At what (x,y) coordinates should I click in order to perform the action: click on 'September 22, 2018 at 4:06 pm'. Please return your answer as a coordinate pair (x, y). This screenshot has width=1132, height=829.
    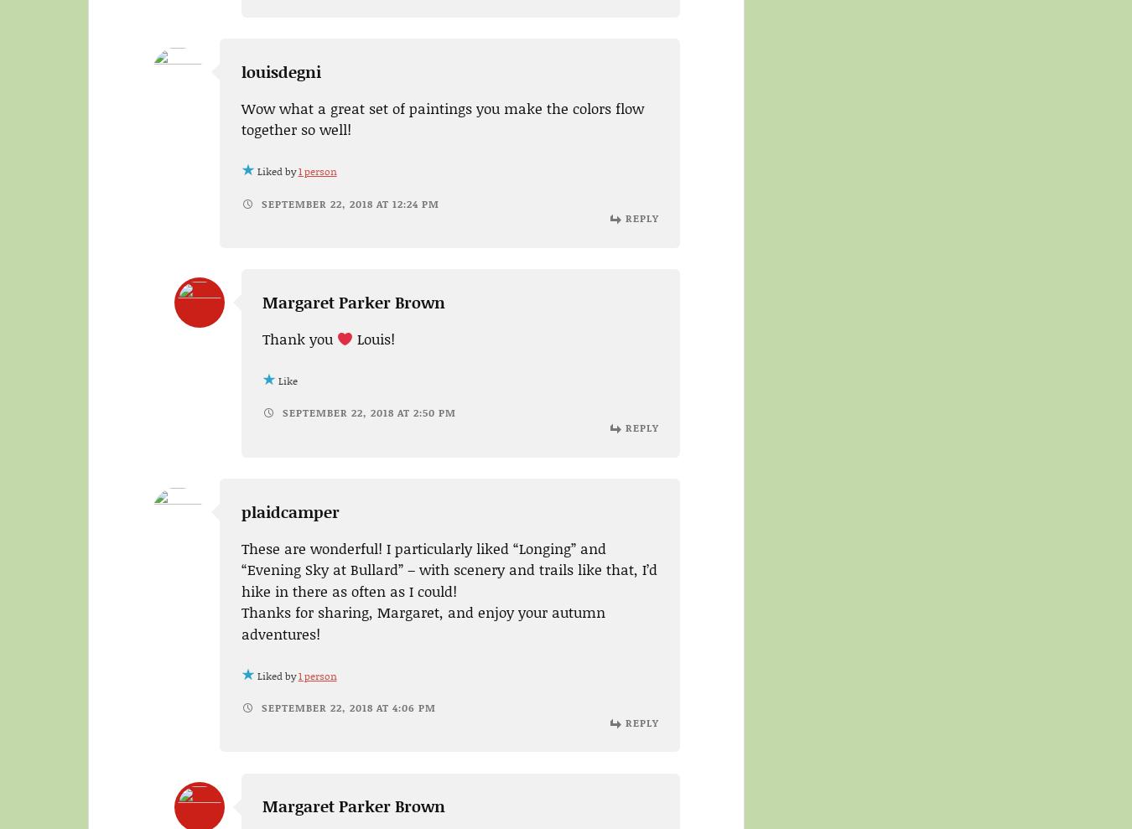
    Looking at the image, I should click on (345, 707).